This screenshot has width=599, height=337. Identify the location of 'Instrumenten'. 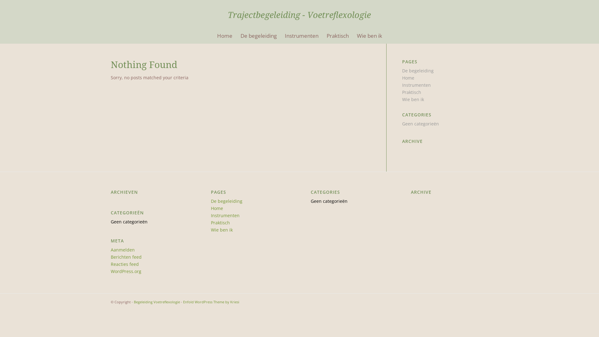
(402, 85).